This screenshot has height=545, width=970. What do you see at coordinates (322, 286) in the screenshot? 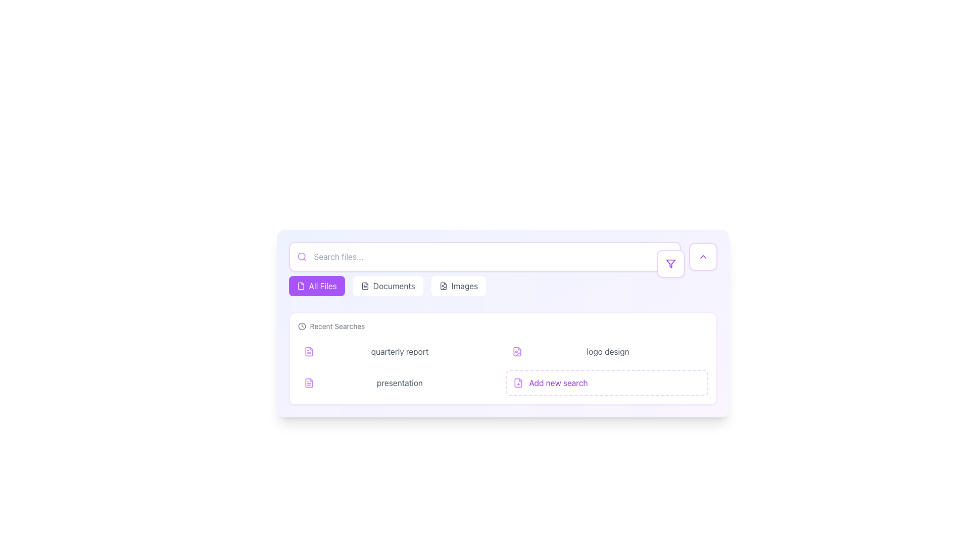
I see `the selectable text label in the navigation menu to trigger the tooltip` at bounding box center [322, 286].